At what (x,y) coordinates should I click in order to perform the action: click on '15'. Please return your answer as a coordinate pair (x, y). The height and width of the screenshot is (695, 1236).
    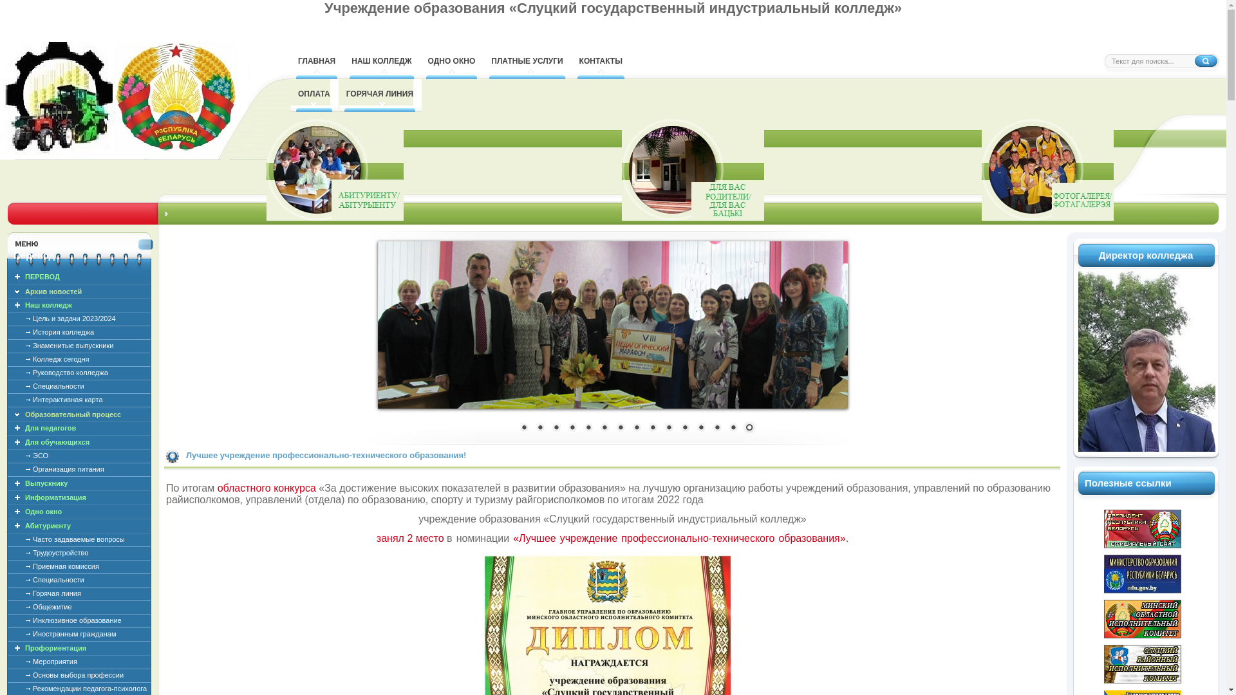
    Looking at the image, I should click on (748, 429).